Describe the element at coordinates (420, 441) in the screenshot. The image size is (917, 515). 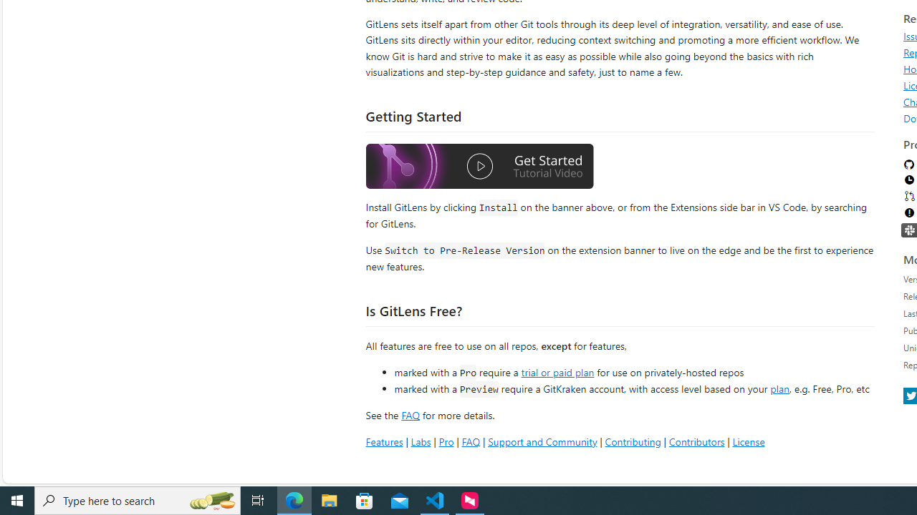
I see `'Labs'` at that location.